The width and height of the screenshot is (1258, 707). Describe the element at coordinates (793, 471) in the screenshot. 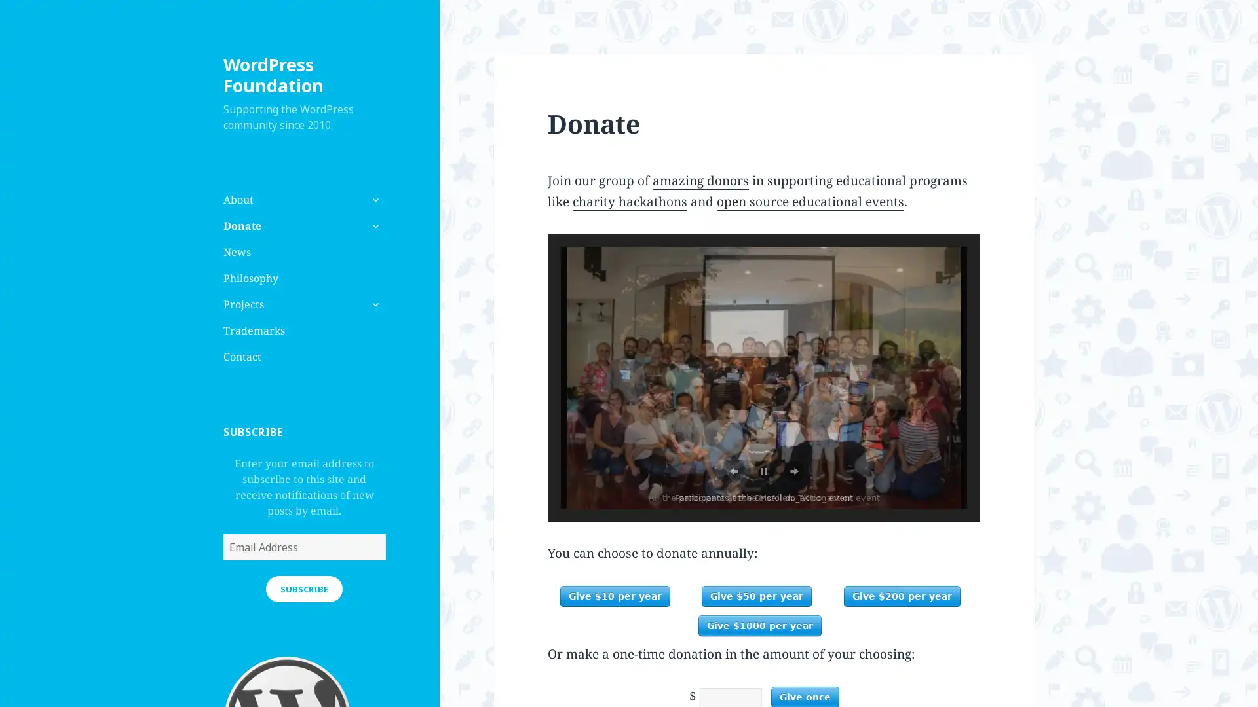

I see `Next Slide` at that location.